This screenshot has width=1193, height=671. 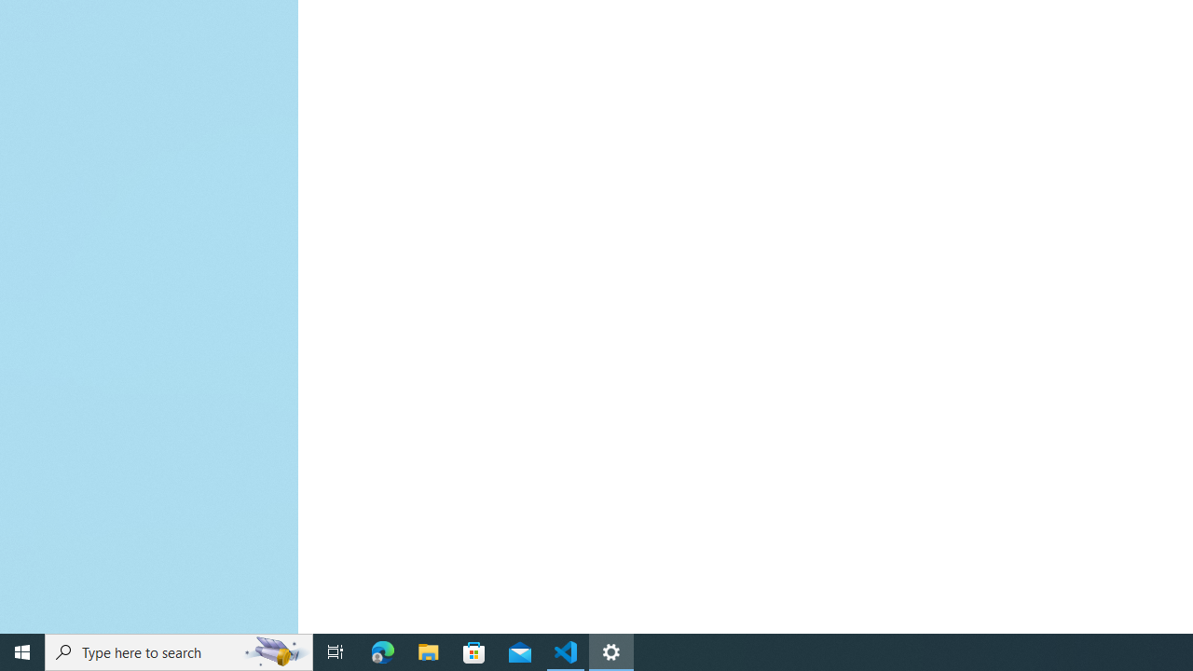 I want to click on 'Microsoft Edge', so click(x=382, y=650).